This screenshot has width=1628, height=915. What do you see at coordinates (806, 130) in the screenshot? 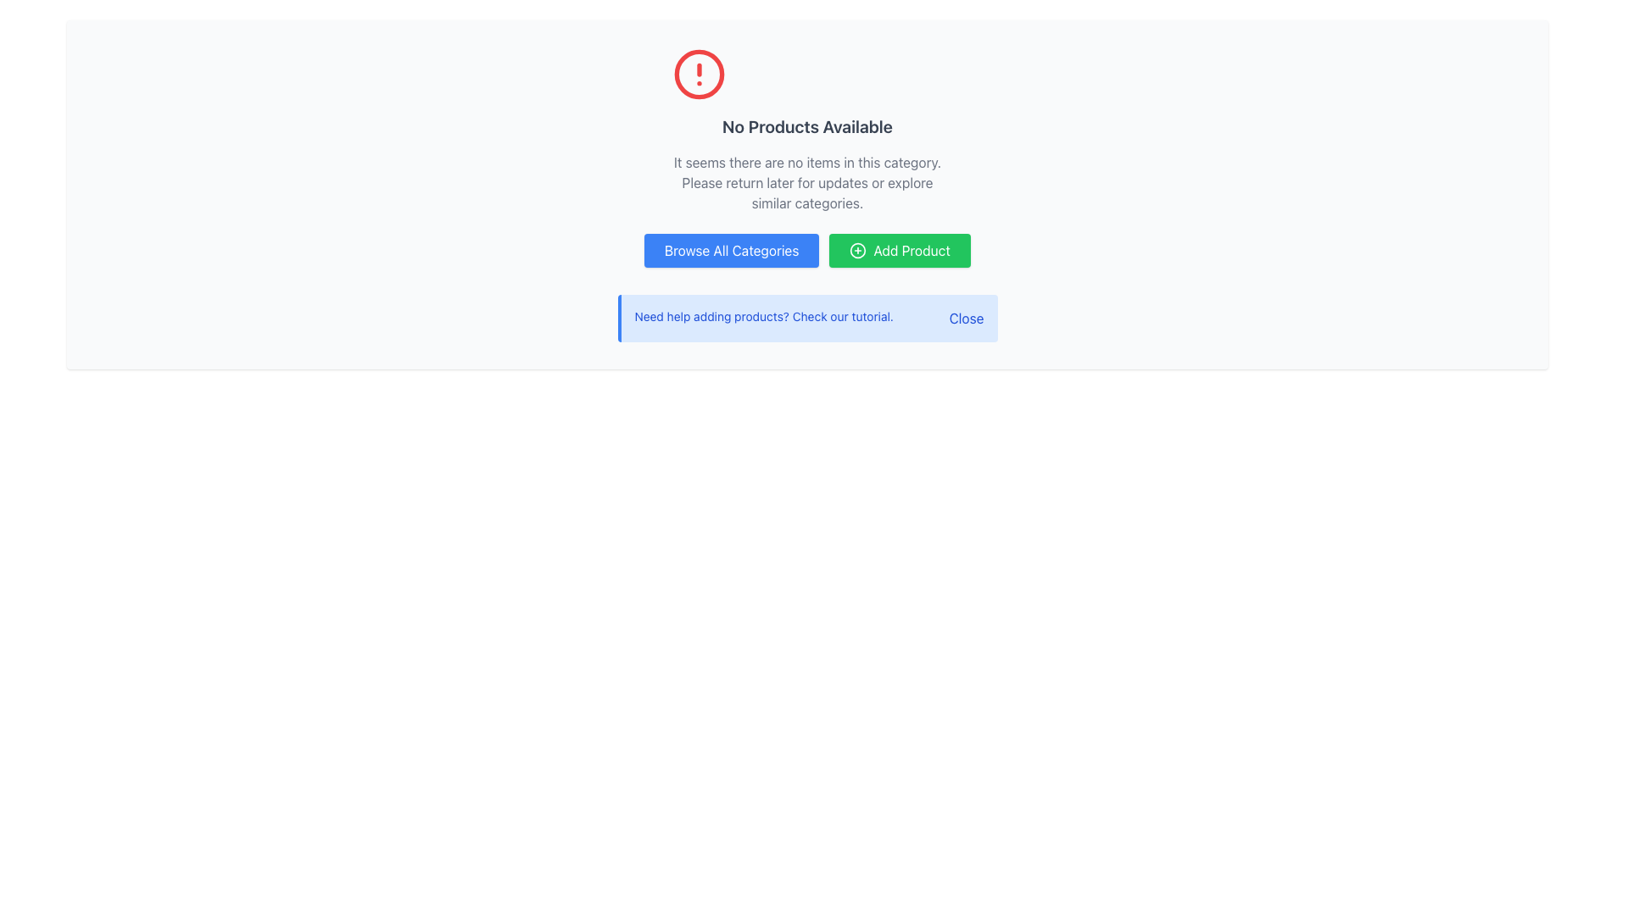
I see `the Notification Panel that informs users about the unavailability of items in the current category` at bounding box center [806, 130].